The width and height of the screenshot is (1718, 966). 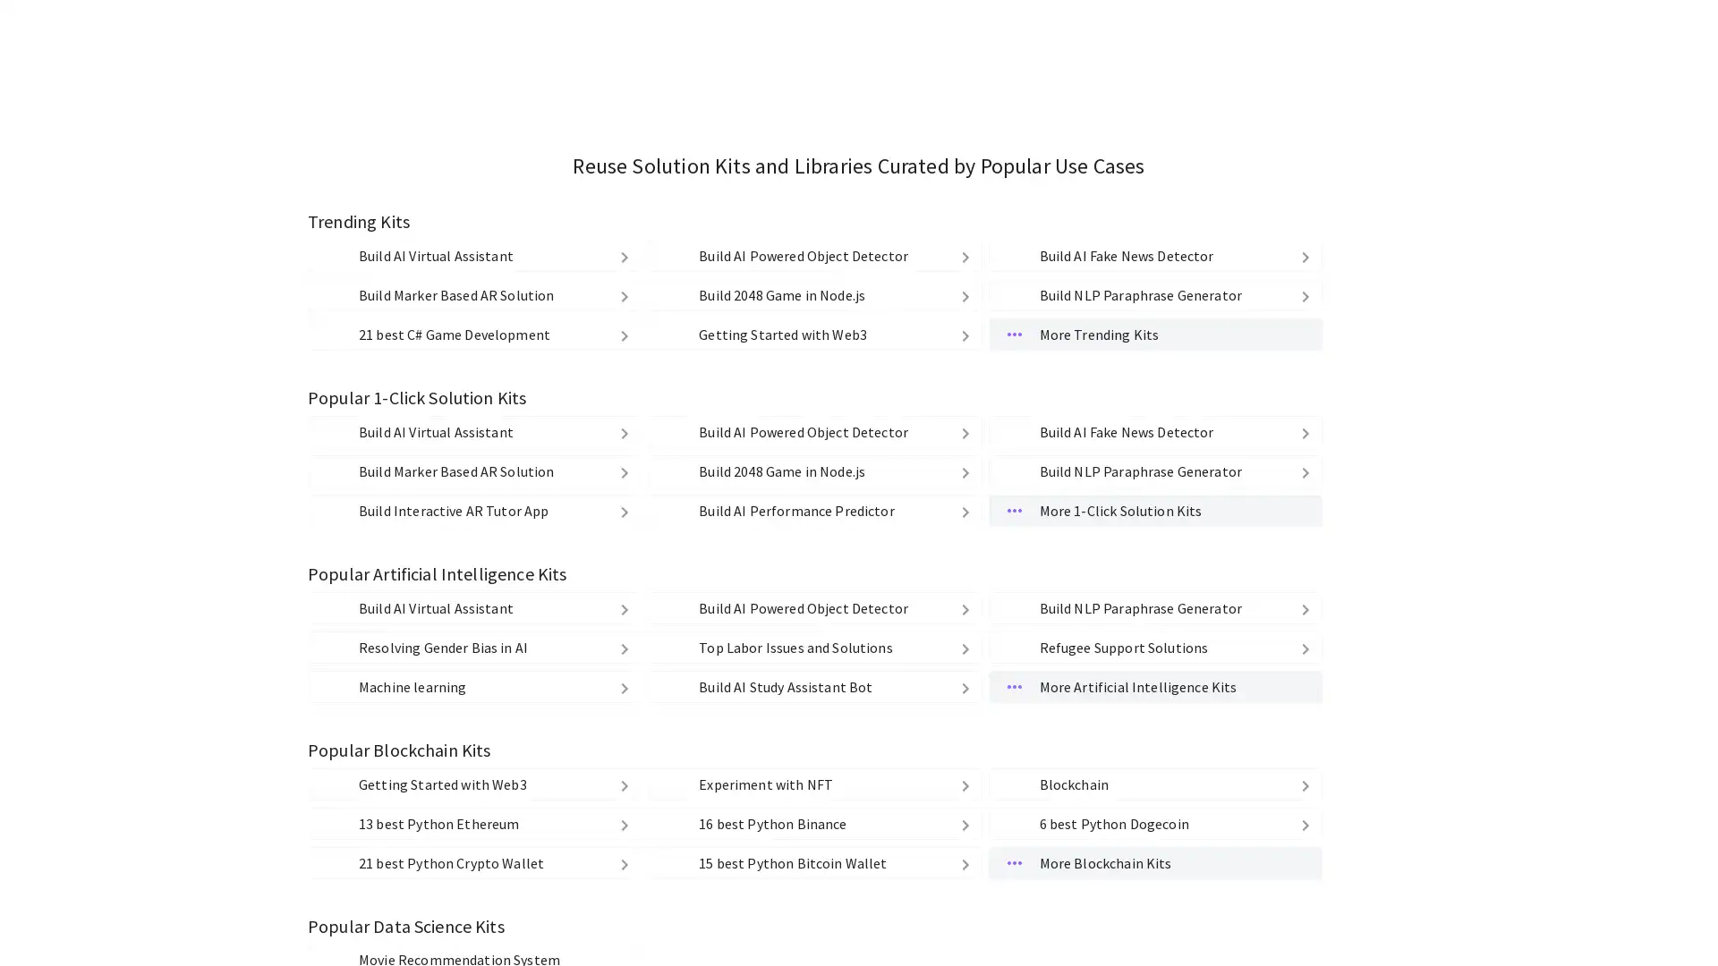 What do you see at coordinates (905, 527) in the screenshot?
I see `Libraries Libraries` at bounding box center [905, 527].